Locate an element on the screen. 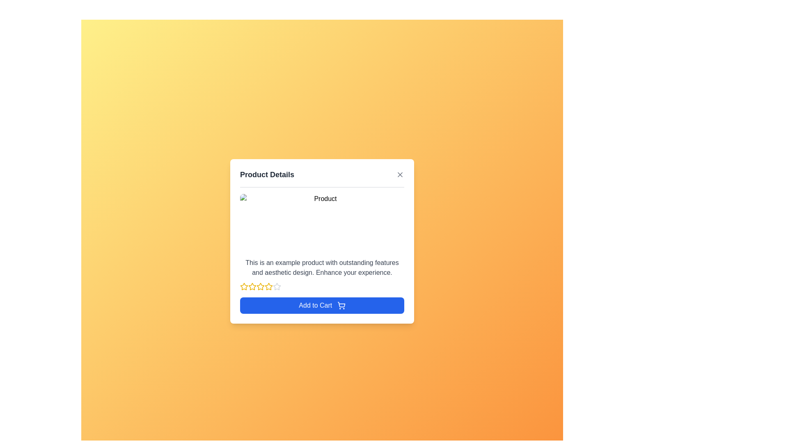 The width and height of the screenshot is (788, 443). the fourth star icon in the rating section is located at coordinates (277, 286).